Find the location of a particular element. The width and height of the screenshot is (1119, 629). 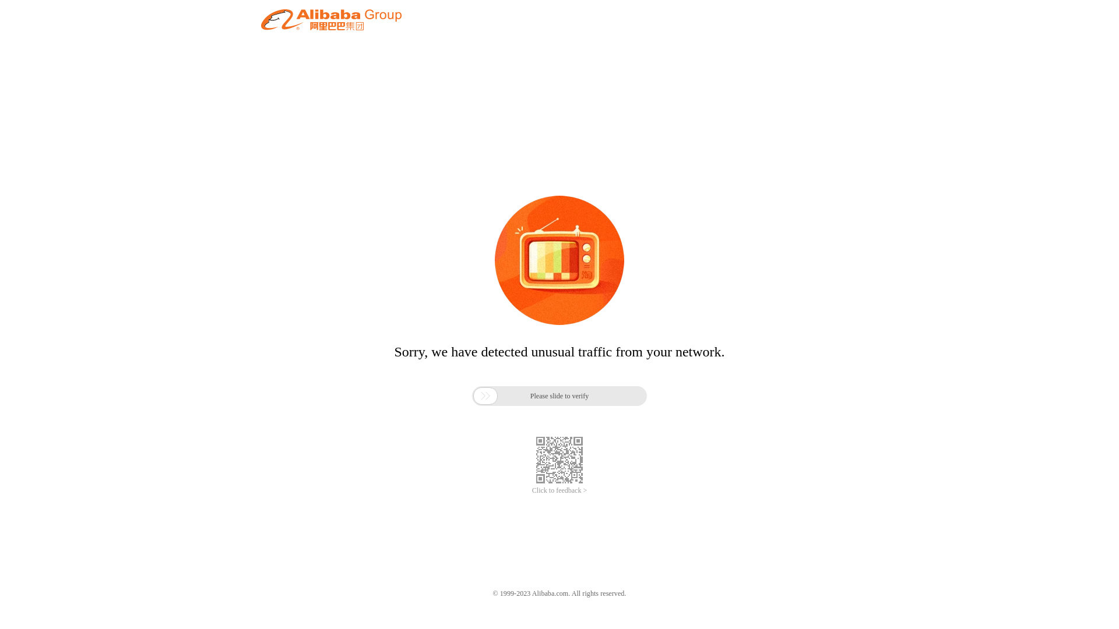

'Click to feedback >' is located at coordinates (531, 490).